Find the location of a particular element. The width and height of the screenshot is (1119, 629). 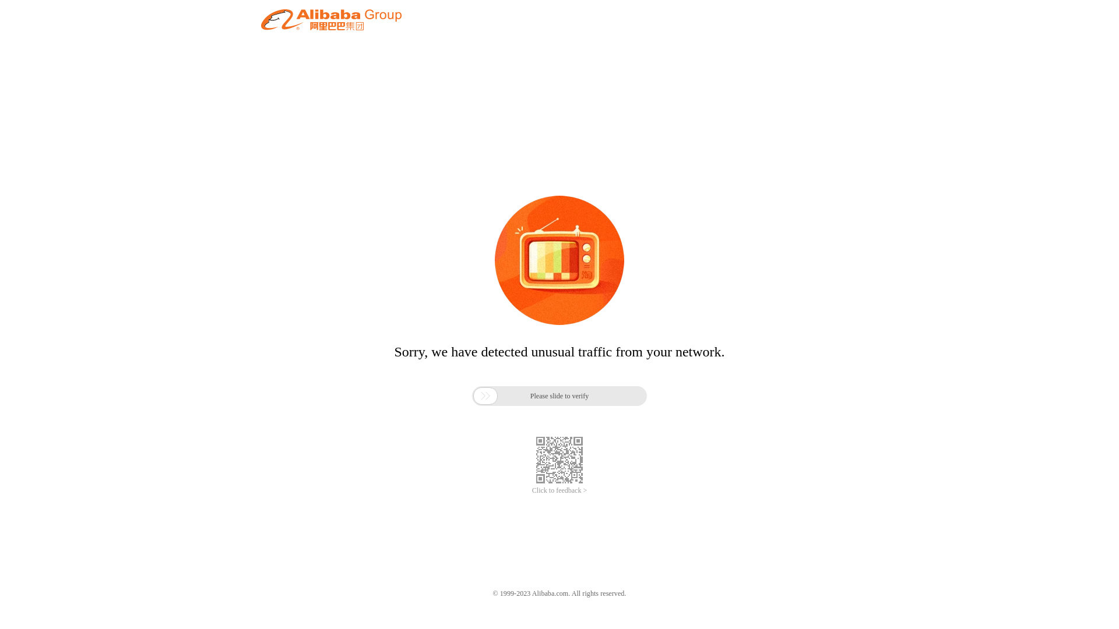

'Click to feedback >' is located at coordinates (531, 490).